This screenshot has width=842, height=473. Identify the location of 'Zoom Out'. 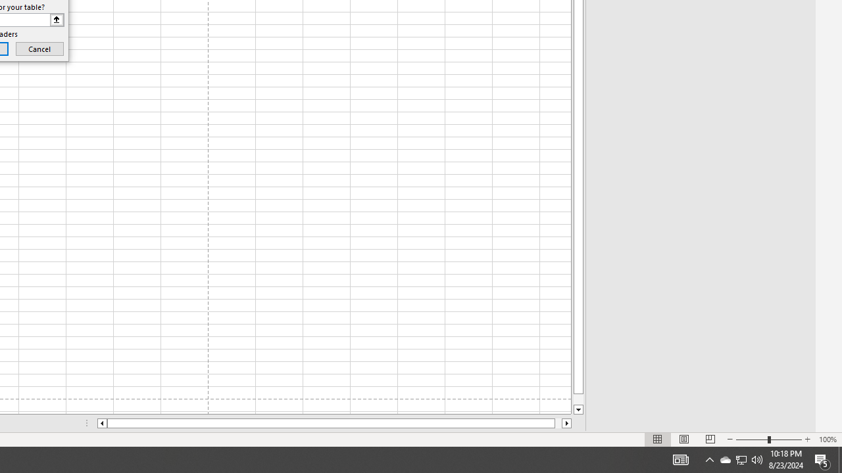
(752, 439).